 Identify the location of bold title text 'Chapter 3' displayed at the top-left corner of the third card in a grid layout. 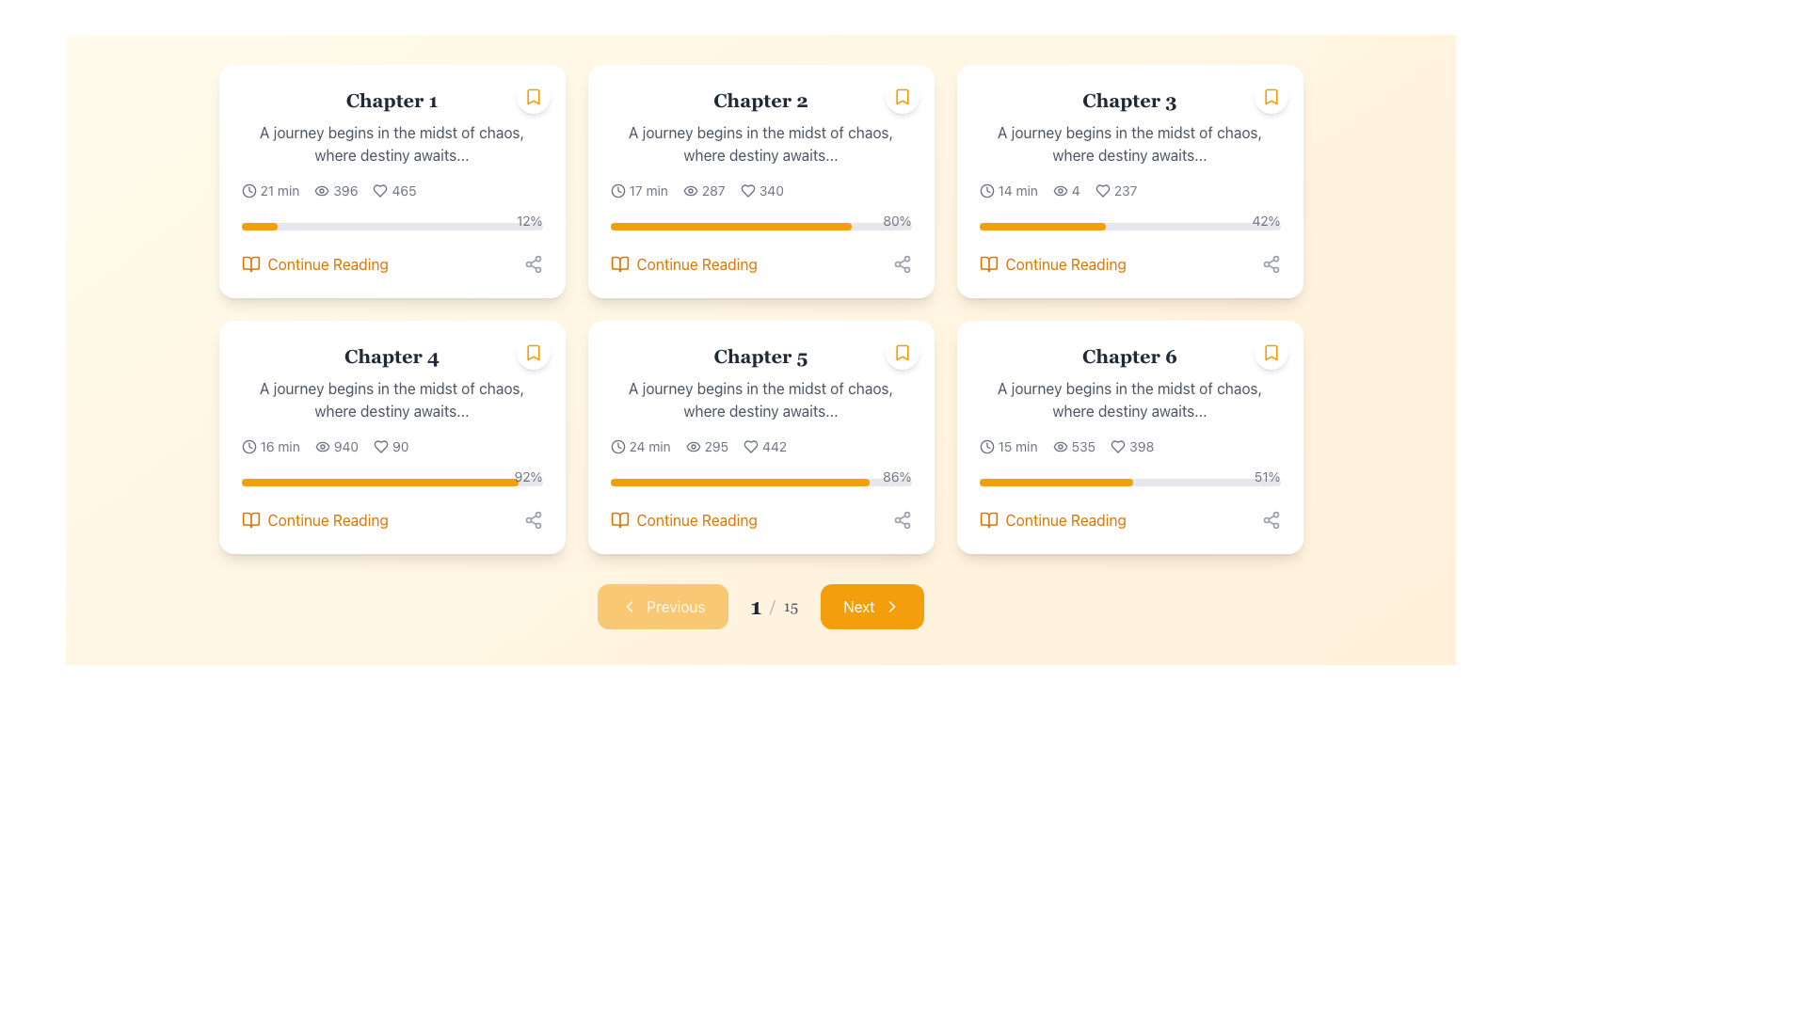
(1129, 101).